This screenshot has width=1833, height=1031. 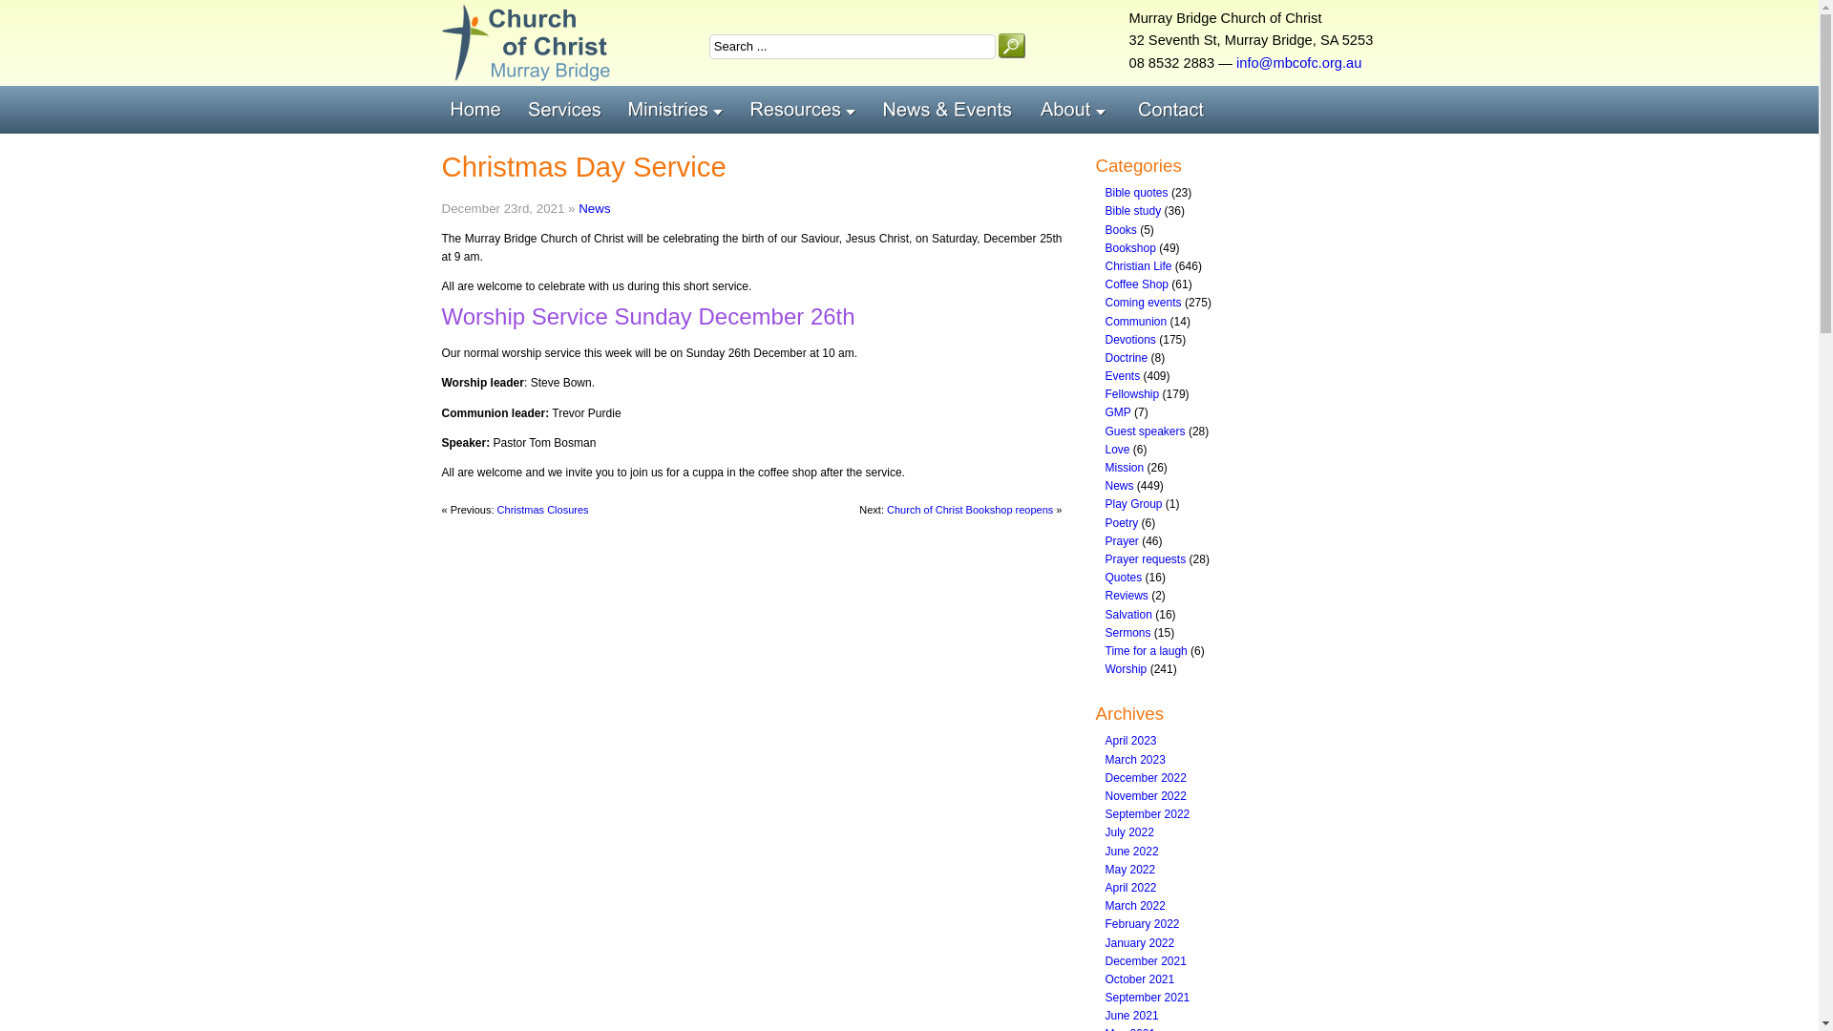 I want to click on 'February 2022', so click(x=1142, y=923).